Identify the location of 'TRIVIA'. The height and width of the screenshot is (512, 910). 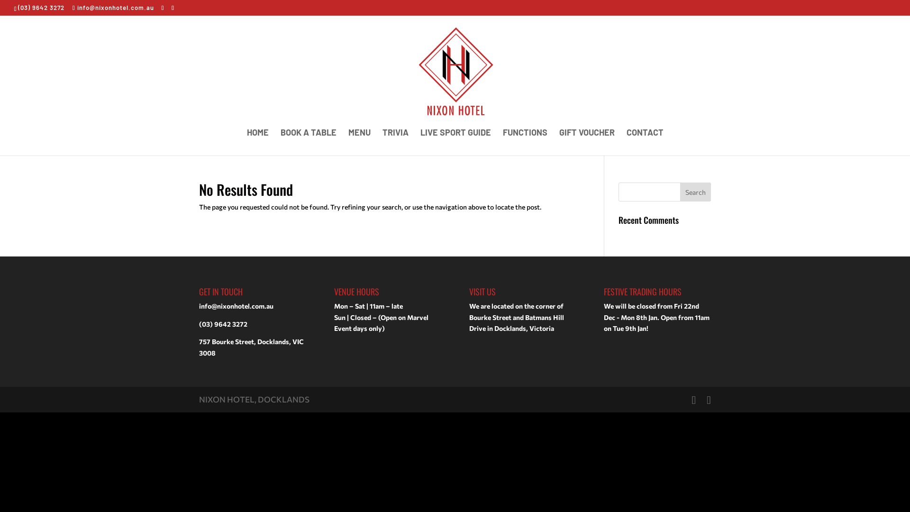
(395, 142).